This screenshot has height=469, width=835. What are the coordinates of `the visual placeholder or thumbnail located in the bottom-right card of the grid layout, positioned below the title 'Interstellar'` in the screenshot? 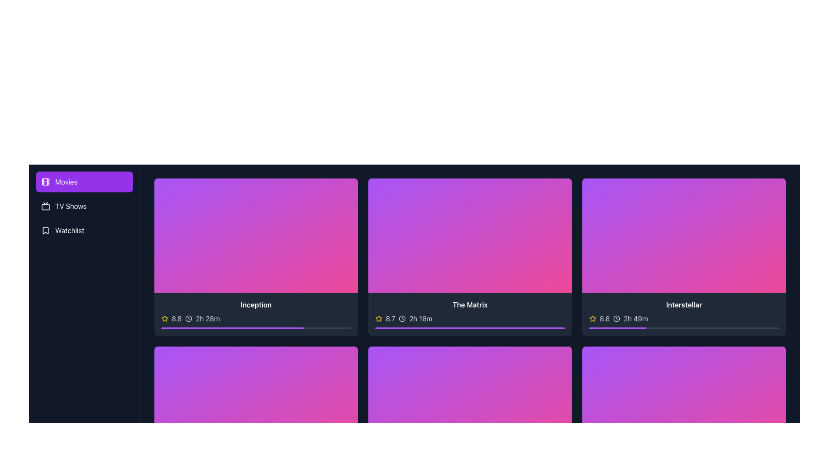 It's located at (684, 403).